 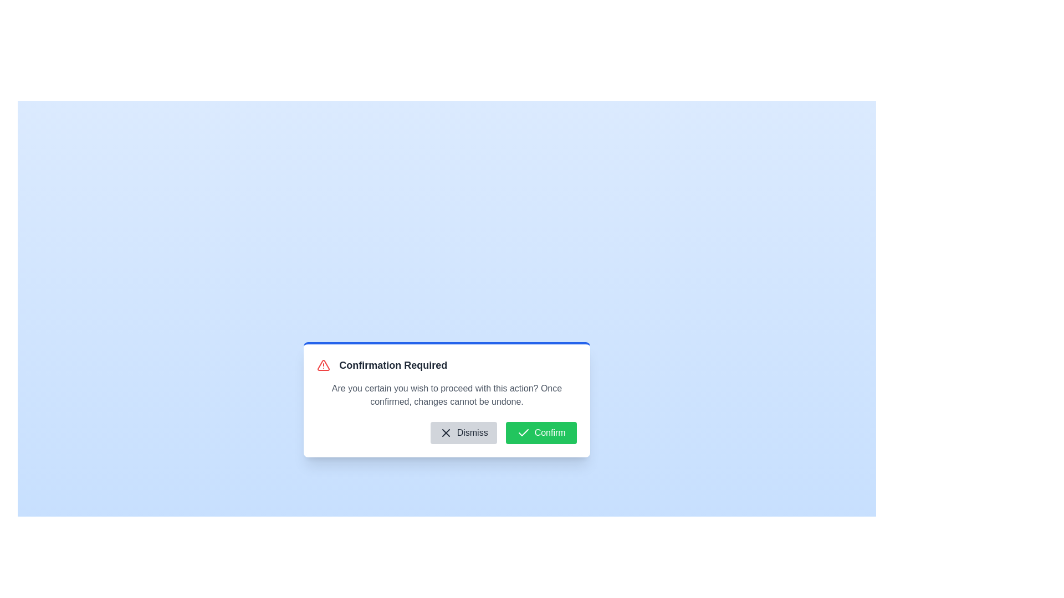 I want to click on the dismiss button located in the footer section of the 'Confirmation Required' dialog box, so click(x=447, y=432).